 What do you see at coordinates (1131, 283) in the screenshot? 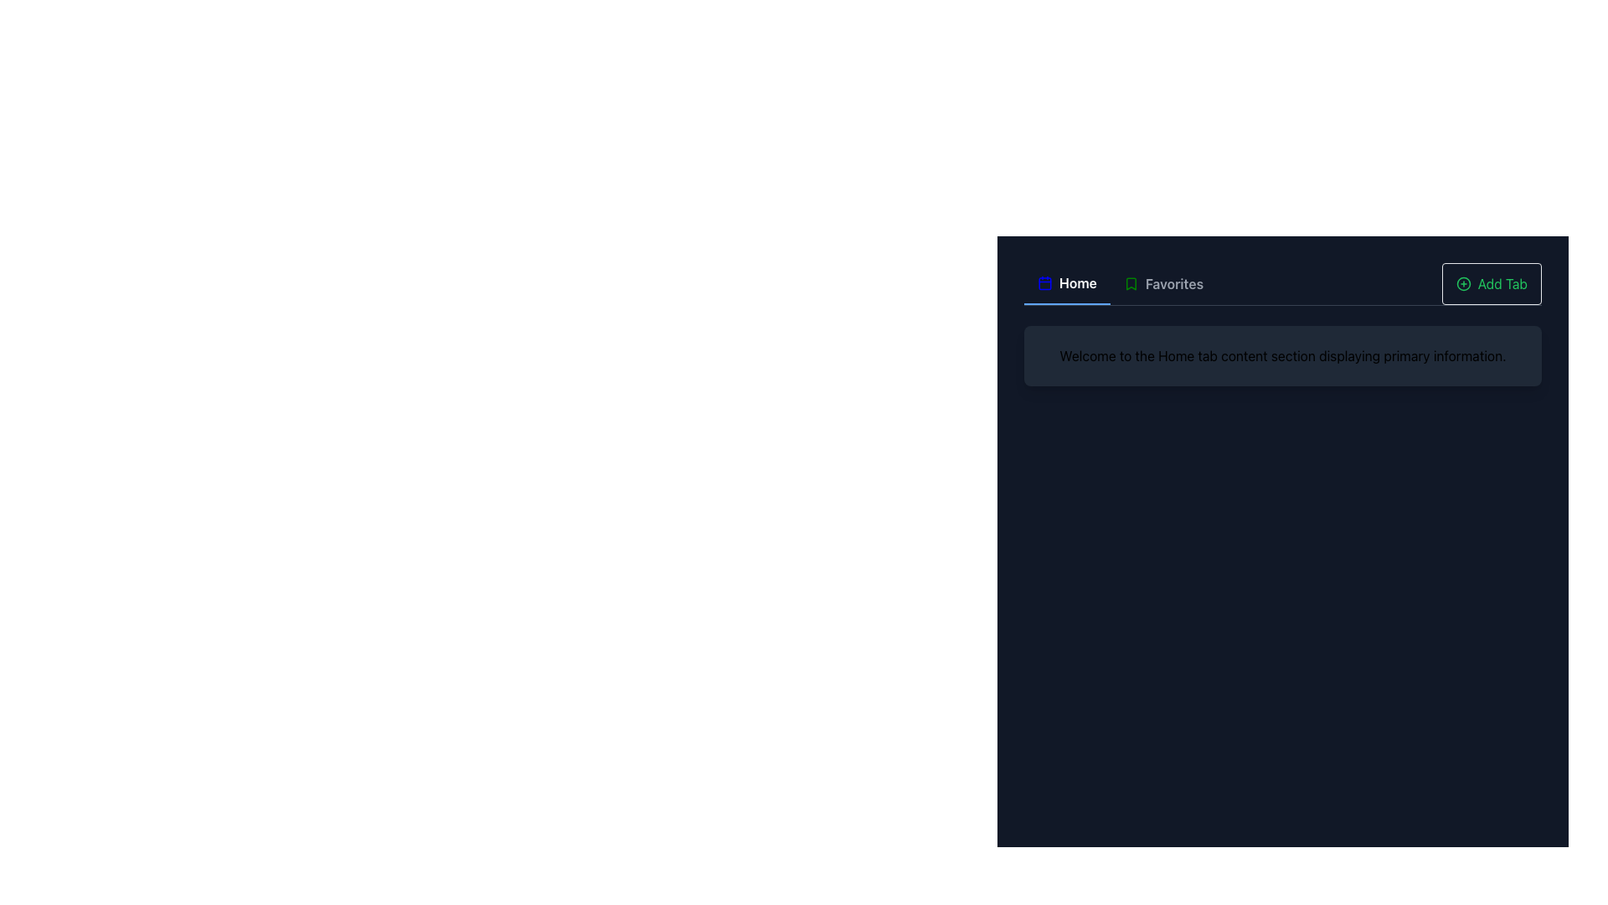
I see `the 'Favorites' icon located in the navigation bar, which is positioned to the left of the text 'Favorites' at the top center of the interface` at bounding box center [1131, 283].